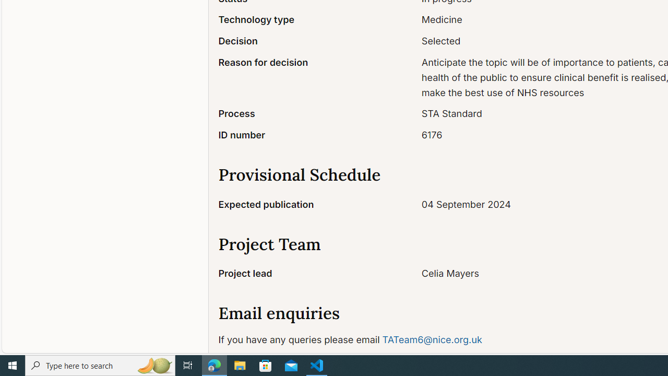 The height and width of the screenshot is (376, 668). Describe the element at coordinates (432, 339) in the screenshot. I see `'TATeam6@nice.org.uk'` at that location.